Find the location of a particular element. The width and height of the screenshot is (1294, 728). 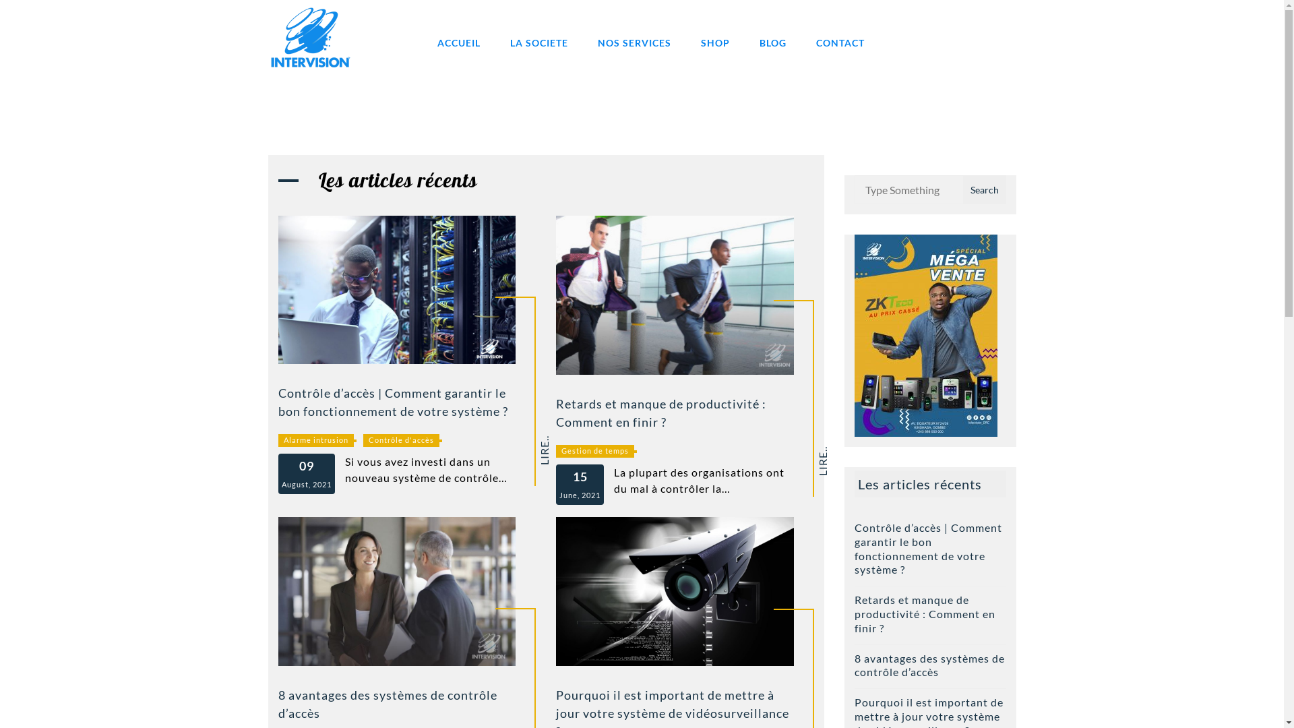

'LIRE..' is located at coordinates (830, 452).